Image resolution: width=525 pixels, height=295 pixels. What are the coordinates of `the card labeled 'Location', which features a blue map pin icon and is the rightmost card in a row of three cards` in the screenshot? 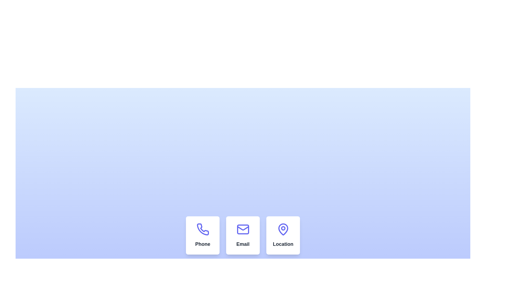 It's located at (283, 235).